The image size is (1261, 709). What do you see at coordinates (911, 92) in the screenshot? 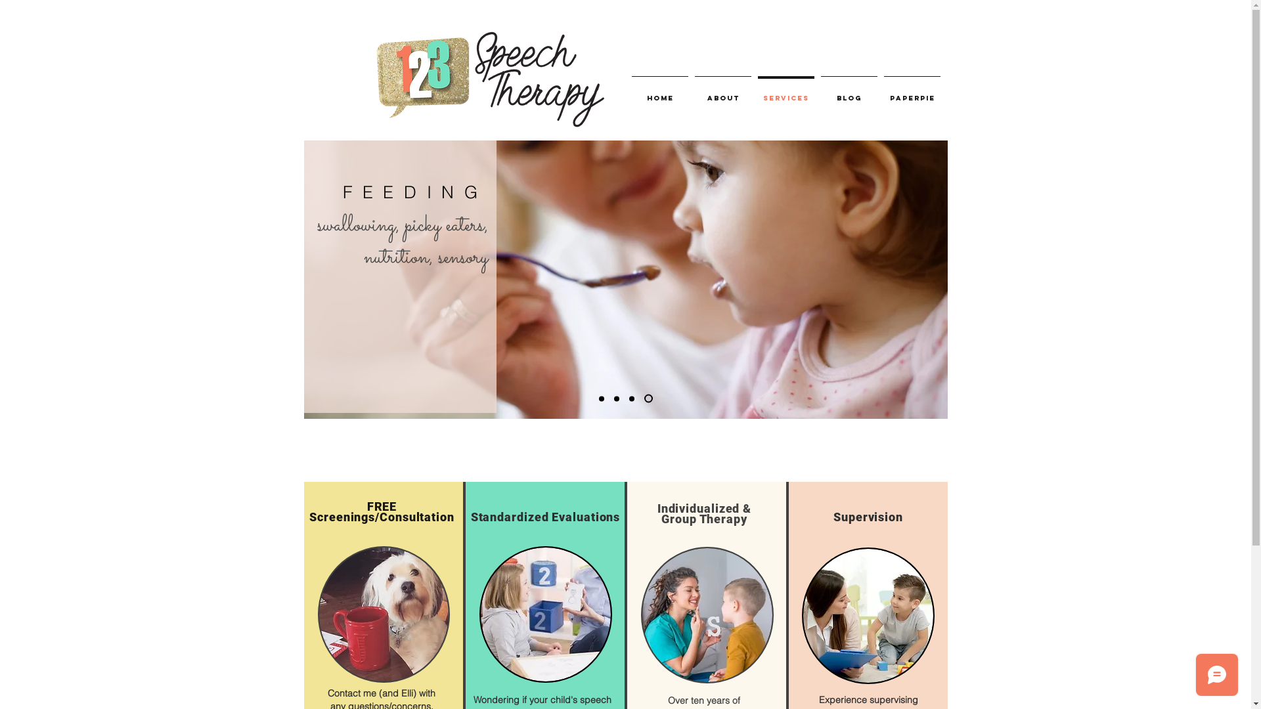
I see `'PAPERPIE'` at bounding box center [911, 92].